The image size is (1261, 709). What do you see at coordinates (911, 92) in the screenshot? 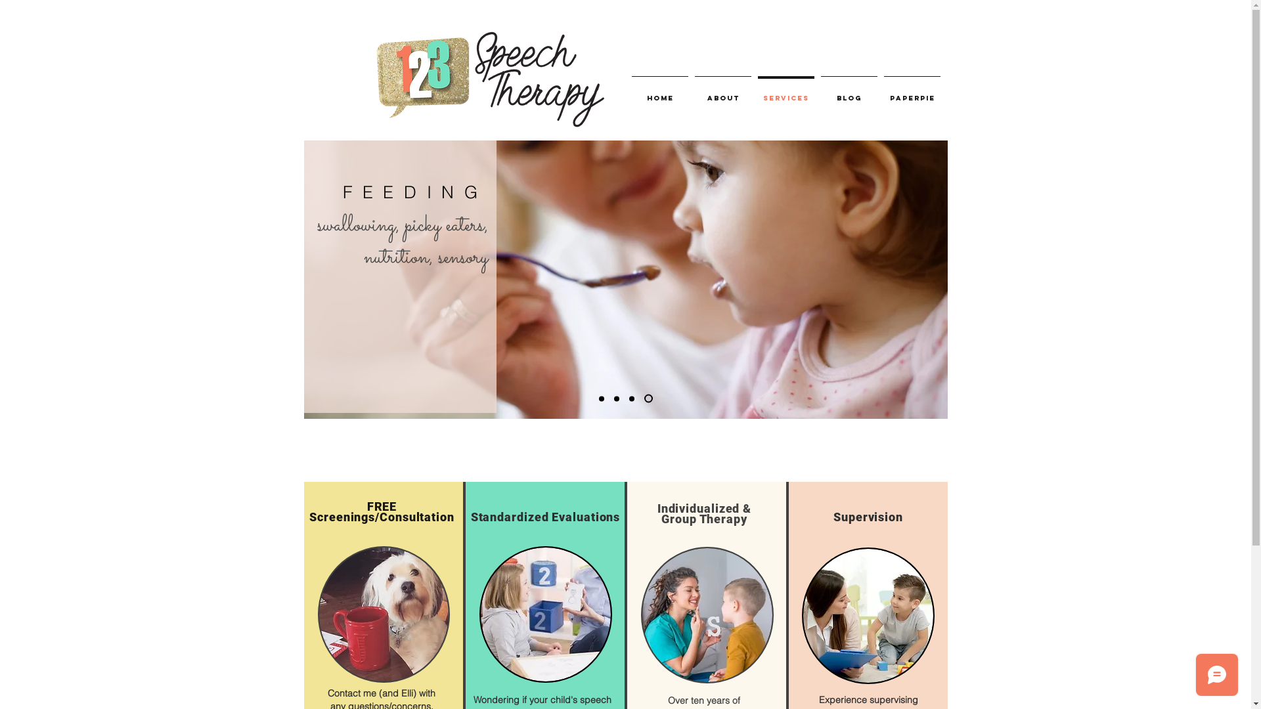
I see `'PAPERPIE'` at bounding box center [911, 92].